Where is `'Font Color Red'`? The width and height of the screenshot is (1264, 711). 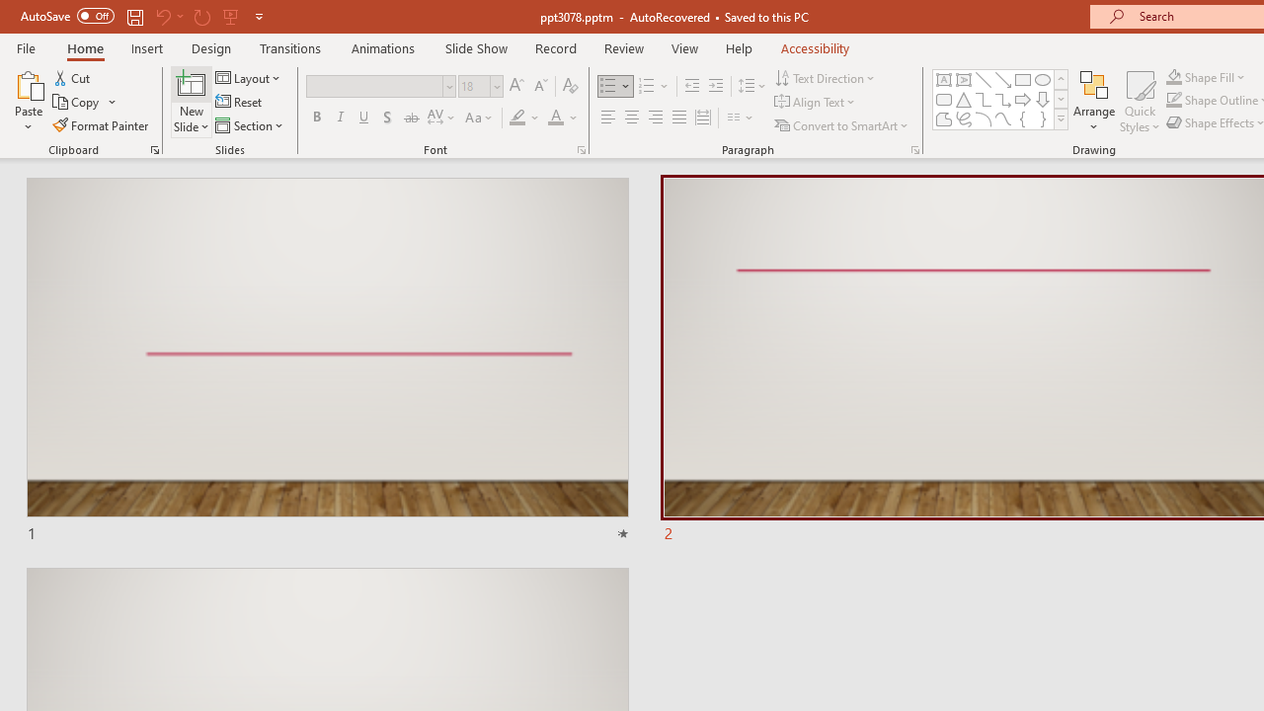
'Font Color Red' is located at coordinates (554, 118).